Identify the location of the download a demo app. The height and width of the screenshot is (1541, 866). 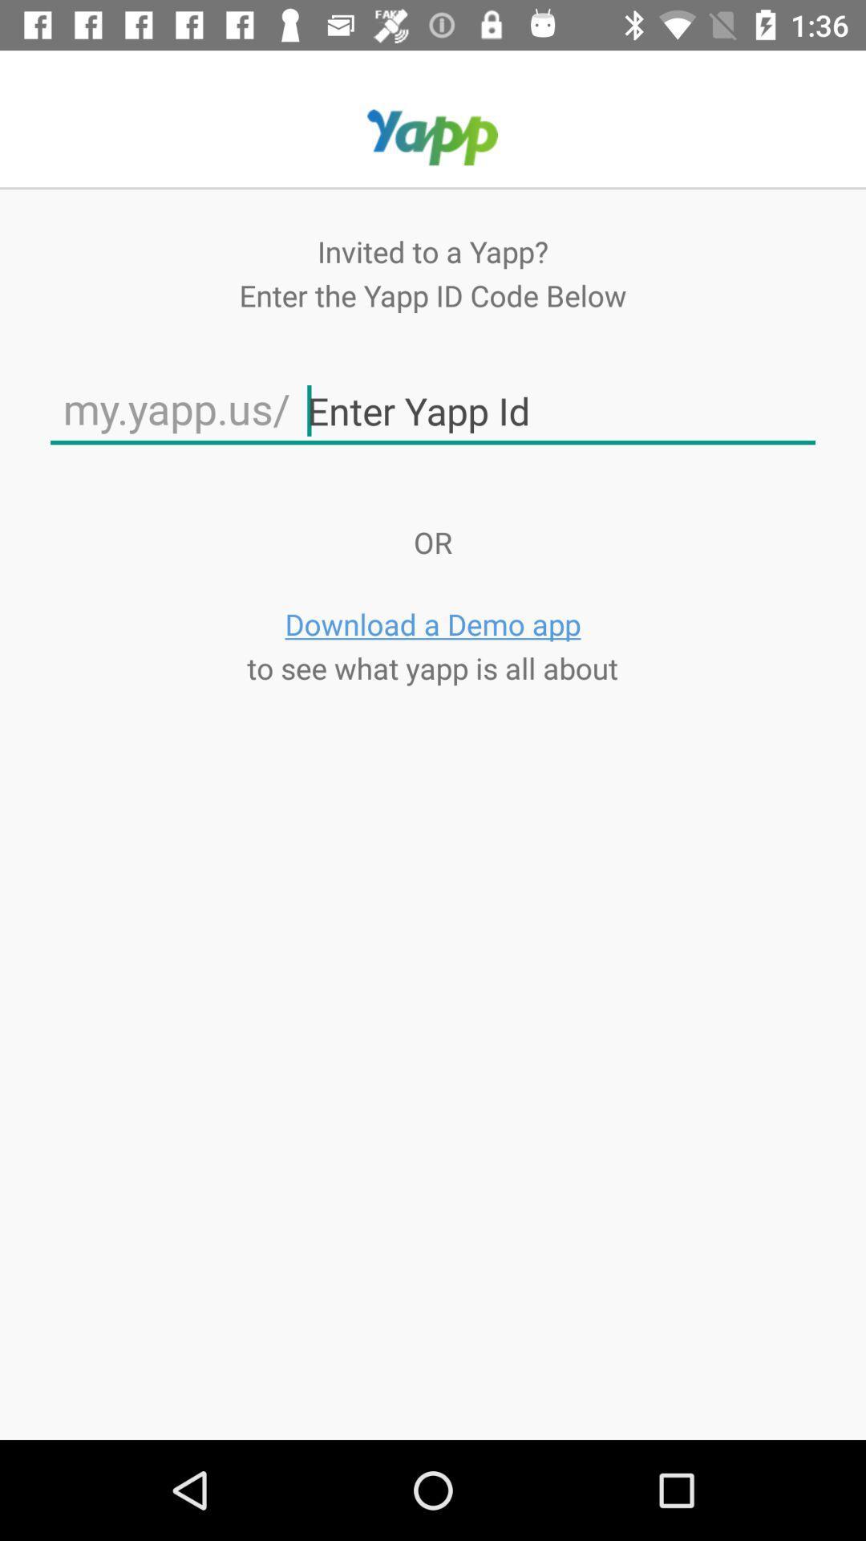
(433, 623).